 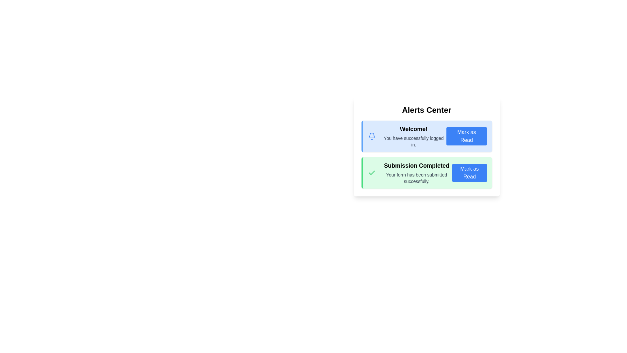 What do you see at coordinates (413, 136) in the screenshot?
I see `the notification message indicating successful login, located in the notifications area next to the bell icon and the 'Mark as Read' button` at bounding box center [413, 136].